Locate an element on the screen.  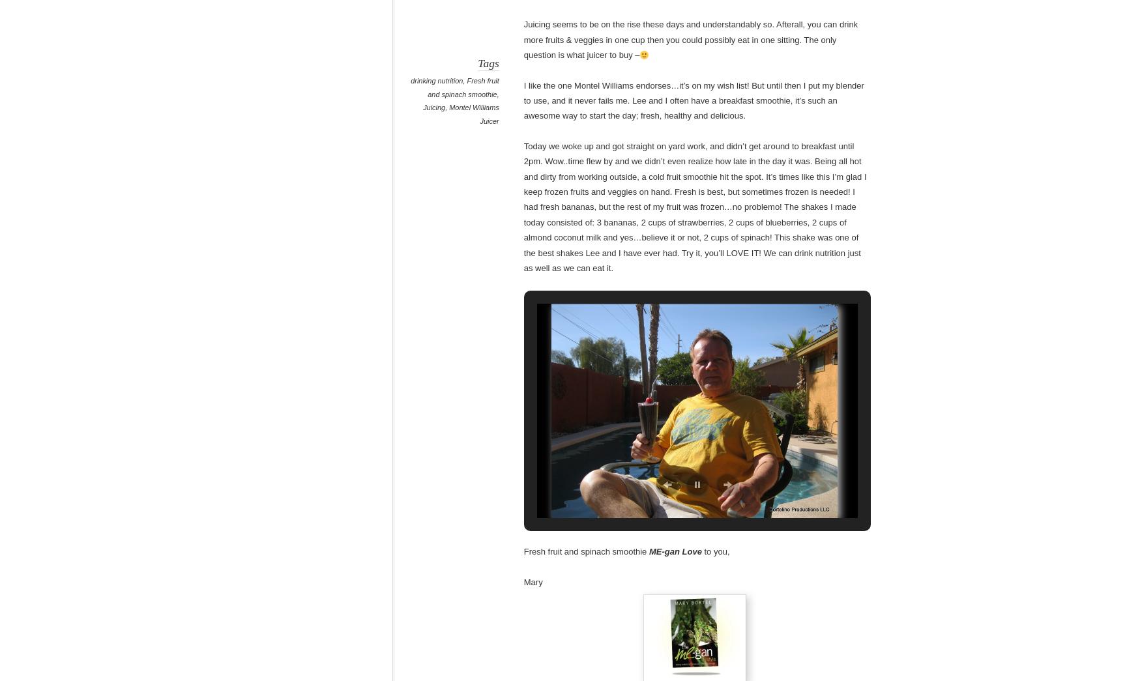
'to you,' is located at coordinates (716, 551).